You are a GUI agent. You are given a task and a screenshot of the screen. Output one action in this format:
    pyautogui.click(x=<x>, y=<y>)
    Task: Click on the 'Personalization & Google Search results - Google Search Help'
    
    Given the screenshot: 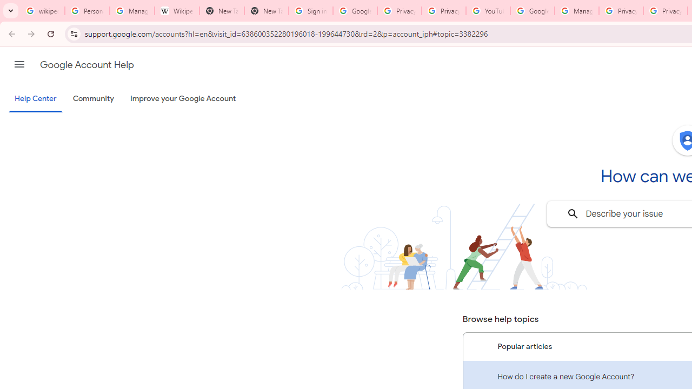 What is the action you would take?
    pyautogui.click(x=87, y=11)
    